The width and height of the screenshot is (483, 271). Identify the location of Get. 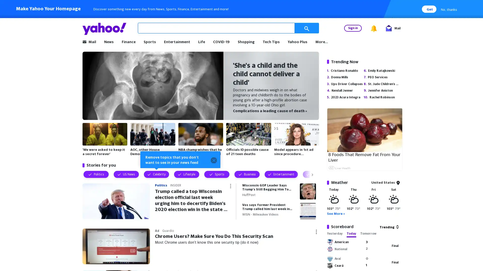
(429, 9).